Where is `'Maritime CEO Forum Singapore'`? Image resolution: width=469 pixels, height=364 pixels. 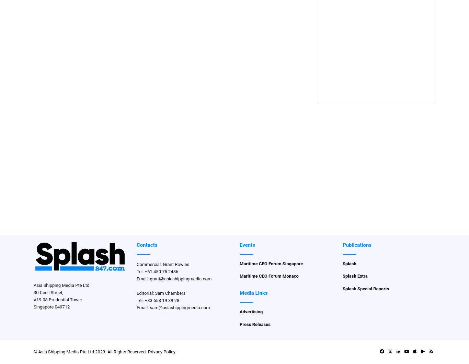 'Maritime CEO Forum Singapore' is located at coordinates (271, 263).